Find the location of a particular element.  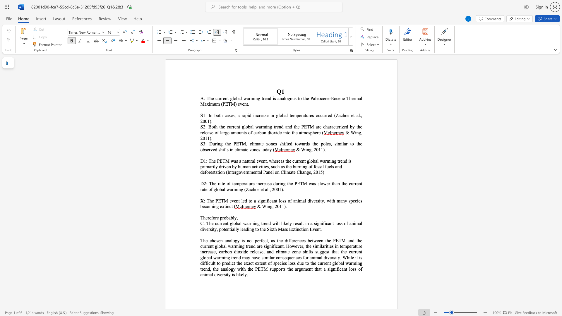

the subset text "rrent global warming trend is primarily driven by human activities, such as th" within the text "the current global warming trend is primarily driven by human activities, such as the burning of fossil fuels and deforestation" is located at coordinates (297, 161).